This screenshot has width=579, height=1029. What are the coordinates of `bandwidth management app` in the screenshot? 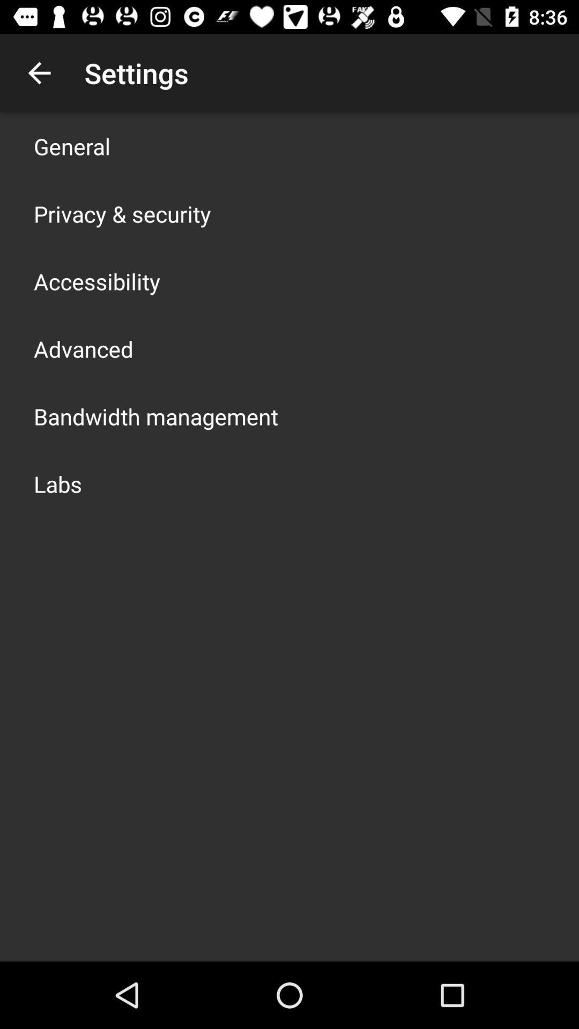 It's located at (155, 416).